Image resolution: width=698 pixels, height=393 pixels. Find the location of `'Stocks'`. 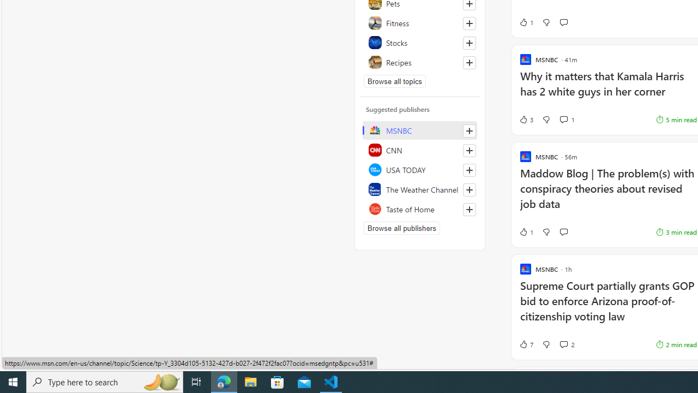

'Stocks' is located at coordinates (419, 42).